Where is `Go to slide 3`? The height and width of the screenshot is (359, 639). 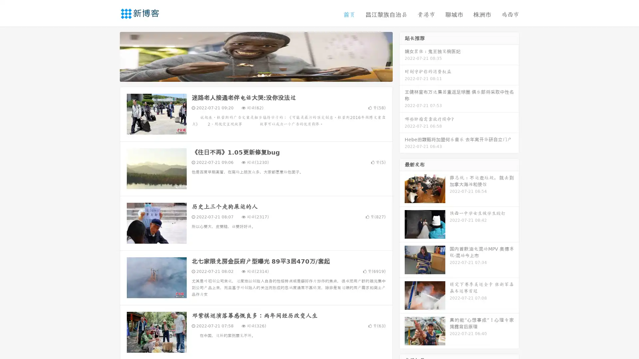
Go to slide 3 is located at coordinates (263, 75).